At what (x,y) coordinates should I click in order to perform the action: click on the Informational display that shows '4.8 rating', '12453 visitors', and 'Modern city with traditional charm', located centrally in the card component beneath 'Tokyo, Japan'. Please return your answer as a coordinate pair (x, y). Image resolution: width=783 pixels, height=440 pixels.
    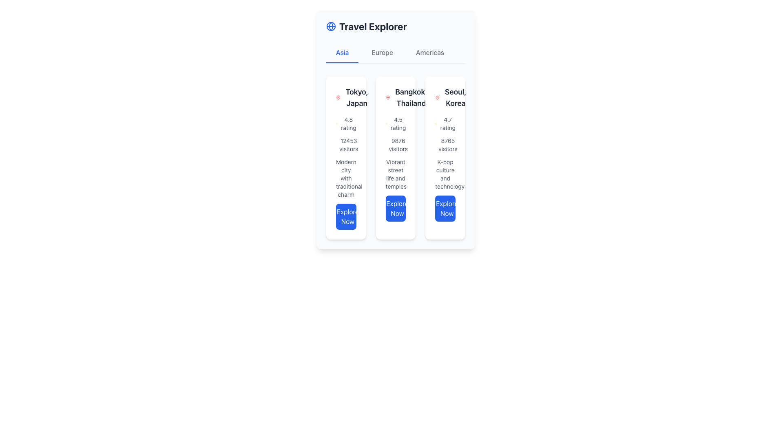
    Looking at the image, I should click on (346, 172).